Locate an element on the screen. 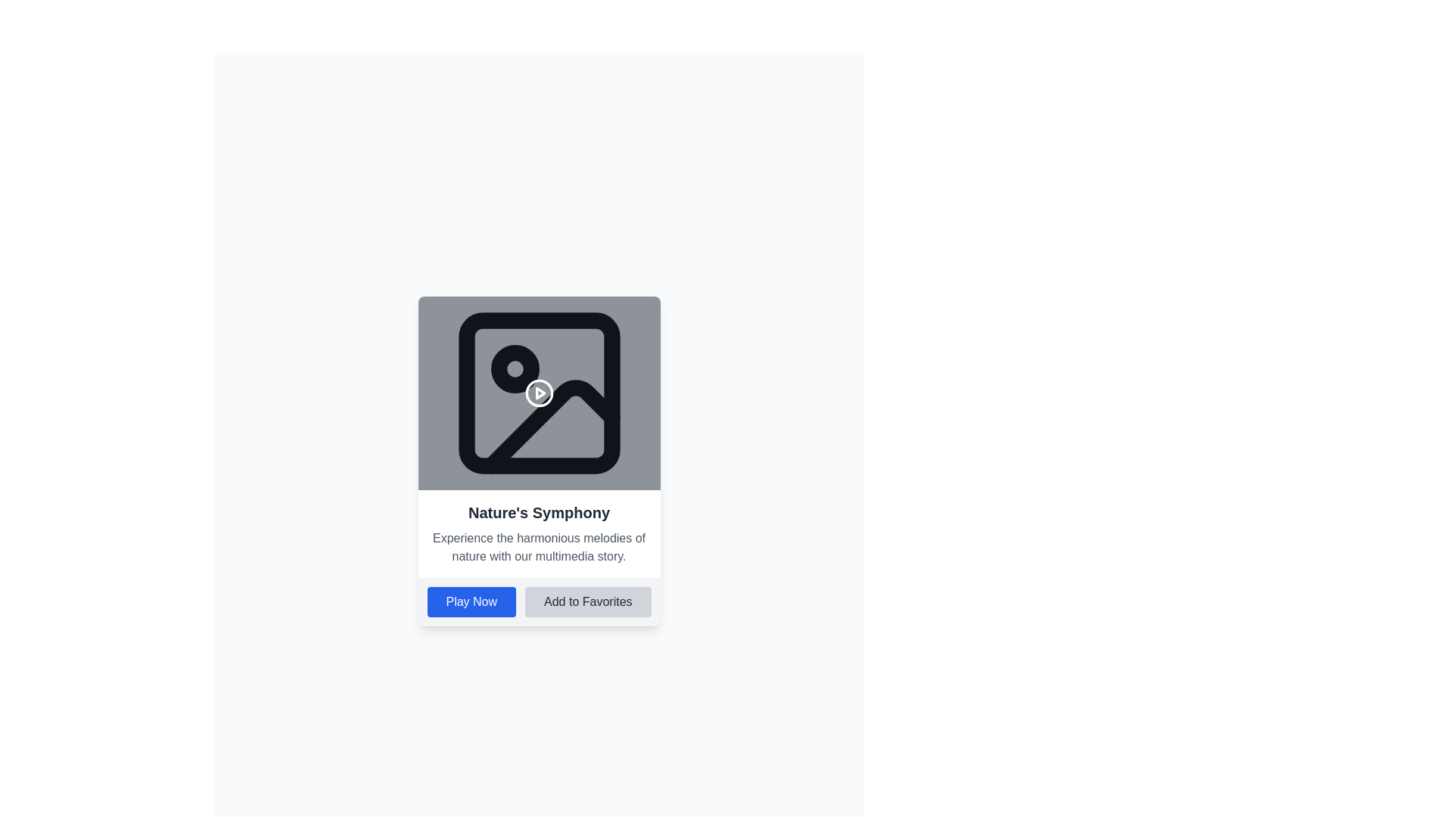  the 'Play' button located centrally within the square card, positioned above the card's textual description area, to initiate playback of multimedia content is located at coordinates (539, 393).